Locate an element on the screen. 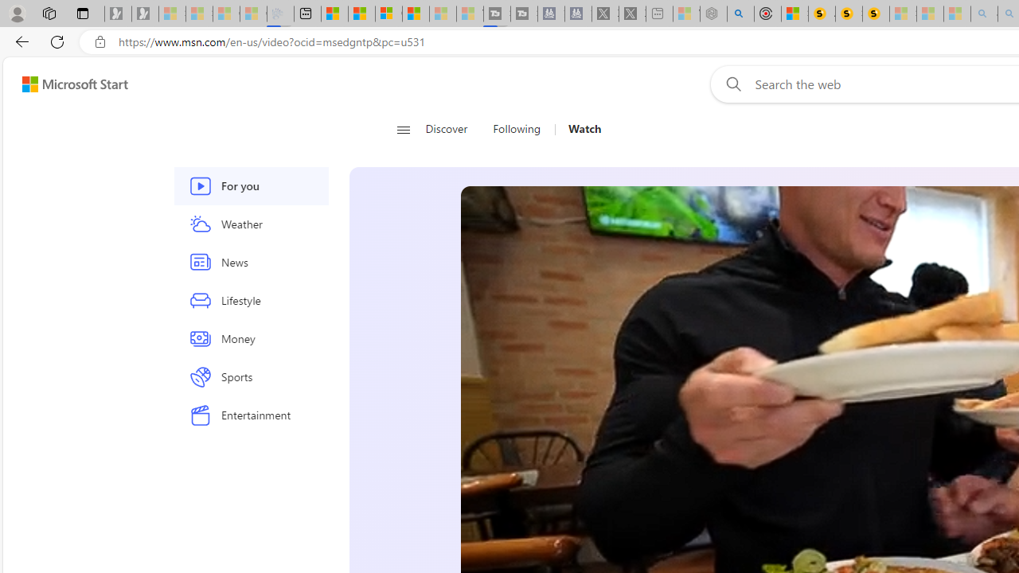 This screenshot has width=1019, height=573. 'Wildlife - MSN - Sleeping' is located at coordinates (686, 14).